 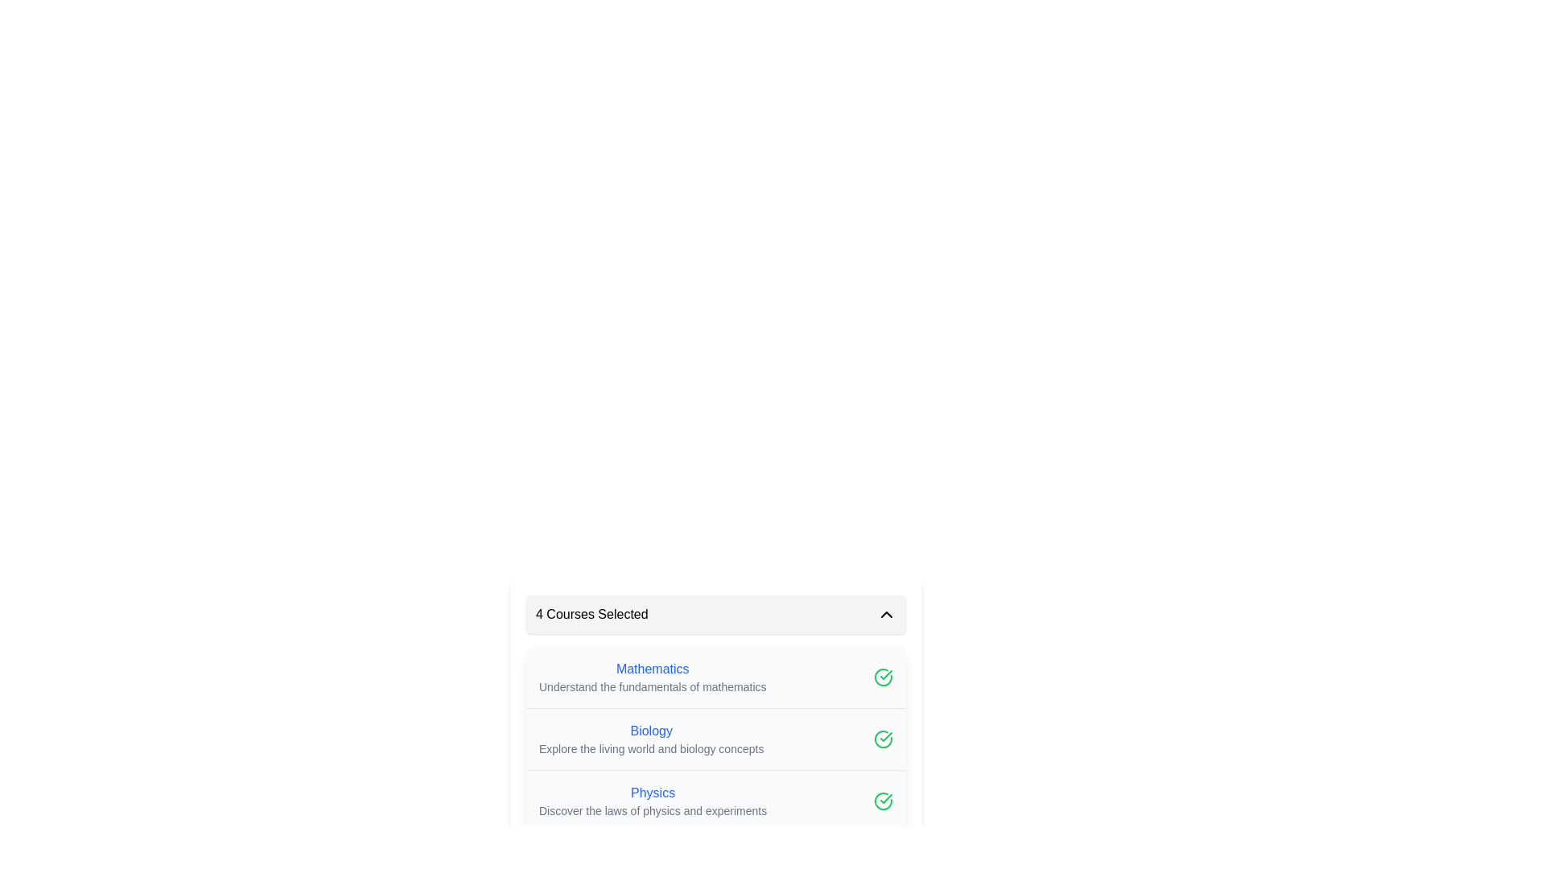 What do you see at coordinates (883, 739) in the screenshot?
I see `the status indicator icon positioned to the right of the 'Biology' label, which signifies the selection or completion of the 'Biology' item` at bounding box center [883, 739].